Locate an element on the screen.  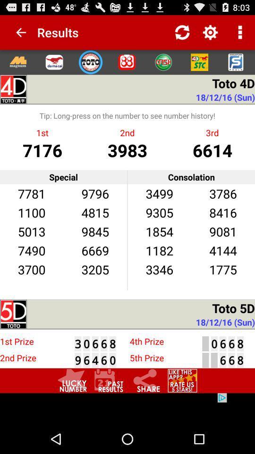
icon next to 3983 item is located at coordinates (212, 150).